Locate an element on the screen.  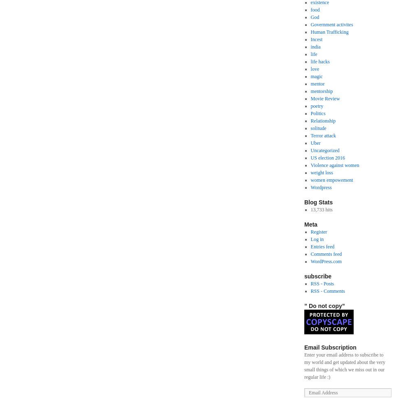
'Register' is located at coordinates (310, 232).